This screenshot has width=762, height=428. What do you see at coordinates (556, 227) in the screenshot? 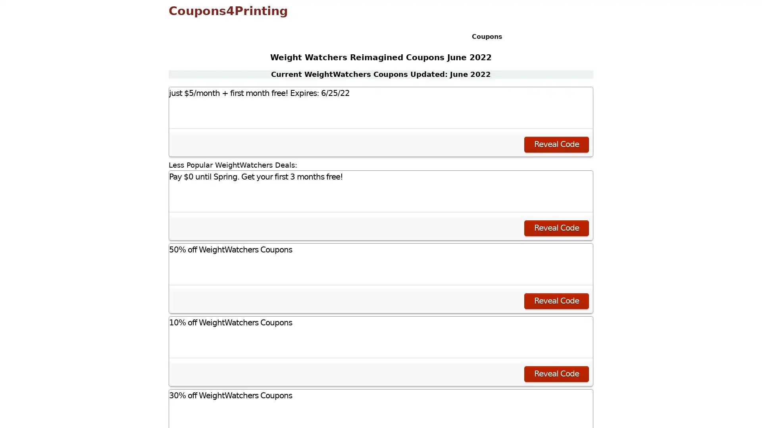
I see `Reveal Code` at bounding box center [556, 227].